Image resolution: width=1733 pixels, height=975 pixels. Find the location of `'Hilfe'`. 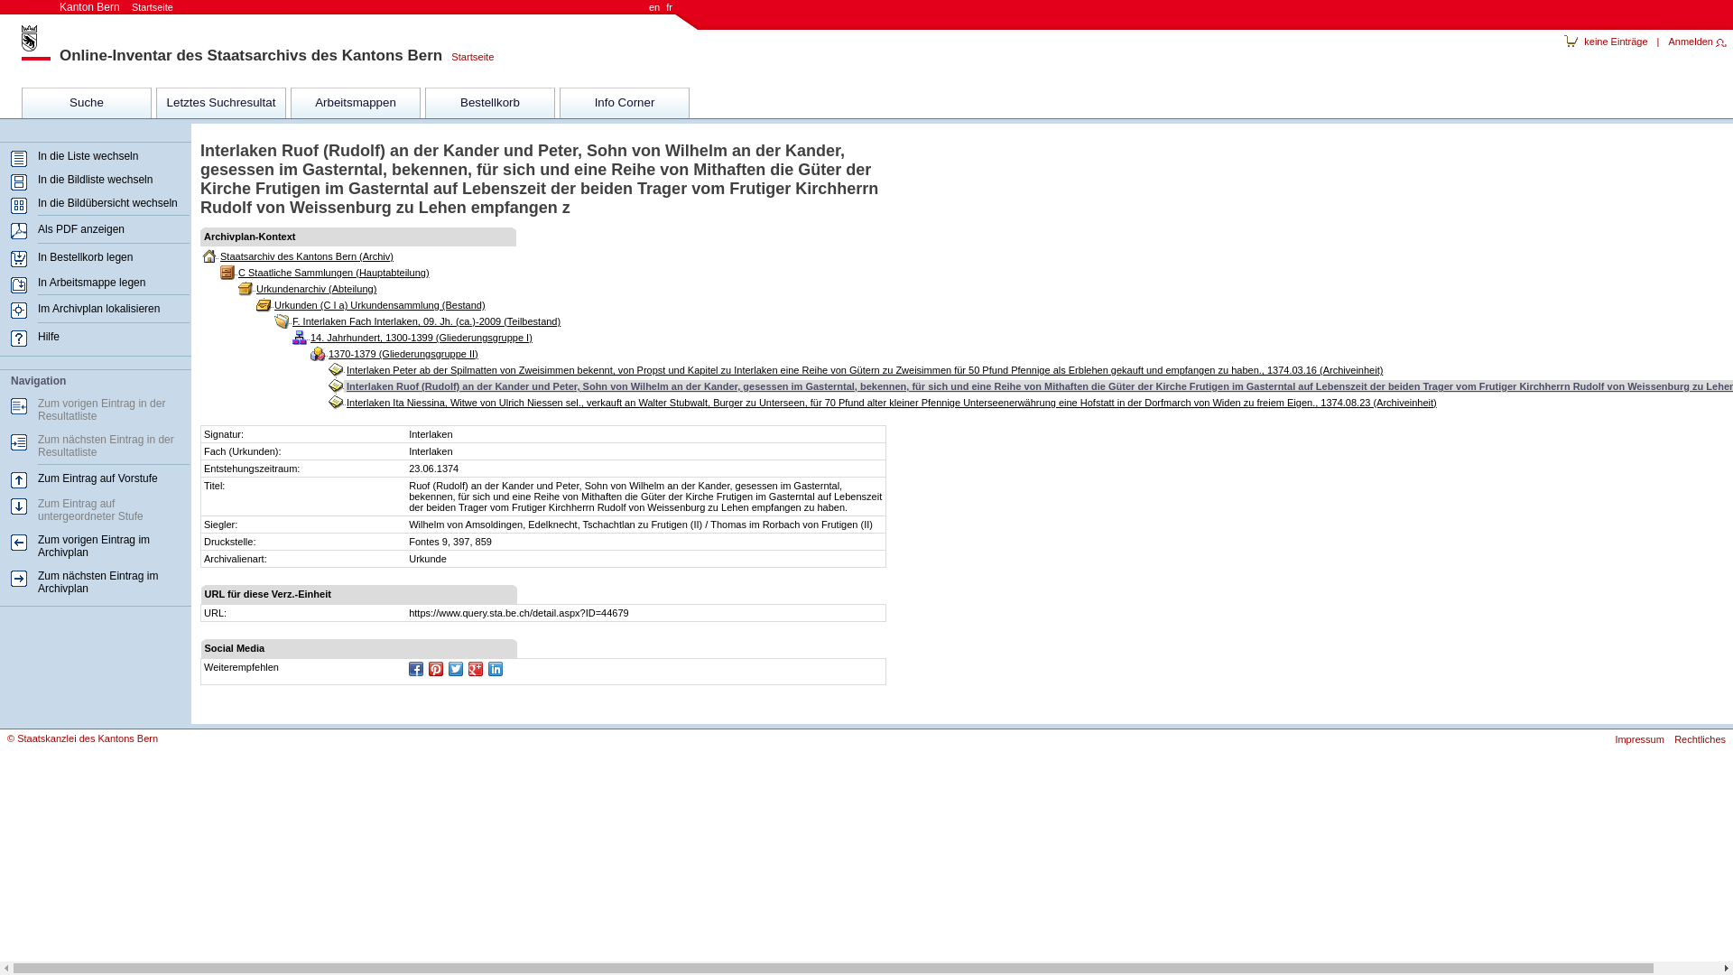

'Hilfe' is located at coordinates (48, 337).